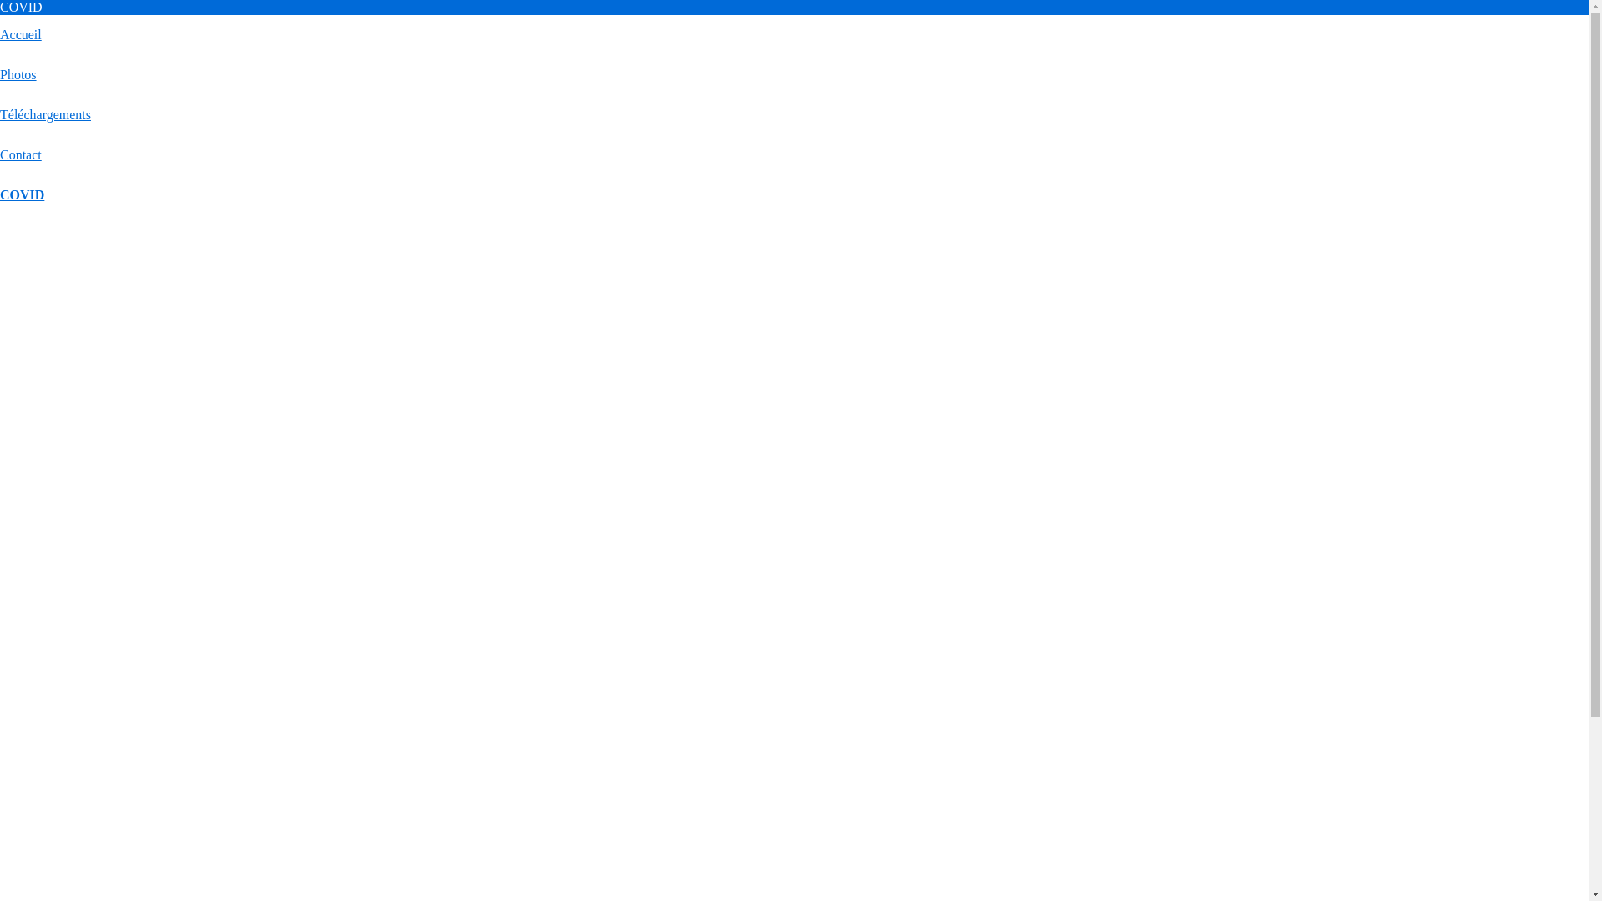  What do you see at coordinates (18, 73) in the screenshot?
I see `'Photos'` at bounding box center [18, 73].